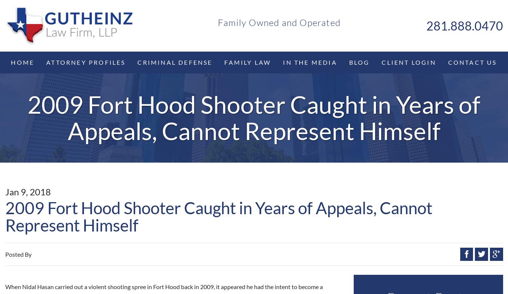  What do you see at coordinates (174, 61) in the screenshot?
I see `'Criminal Defense'` at bounding box center [174, 61].